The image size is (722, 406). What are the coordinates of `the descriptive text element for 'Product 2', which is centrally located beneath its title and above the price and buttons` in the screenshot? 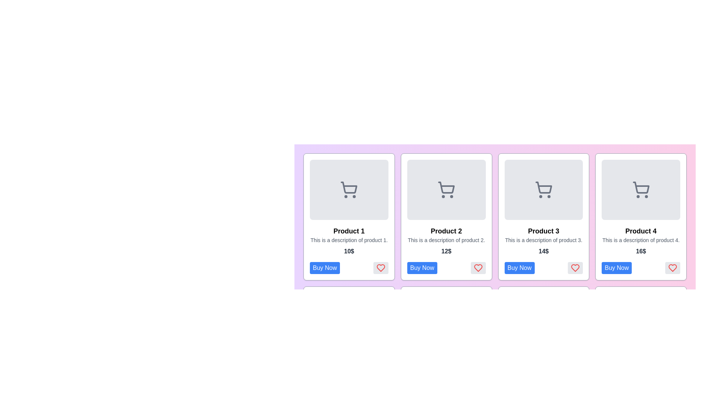 It's located at (446, 240).